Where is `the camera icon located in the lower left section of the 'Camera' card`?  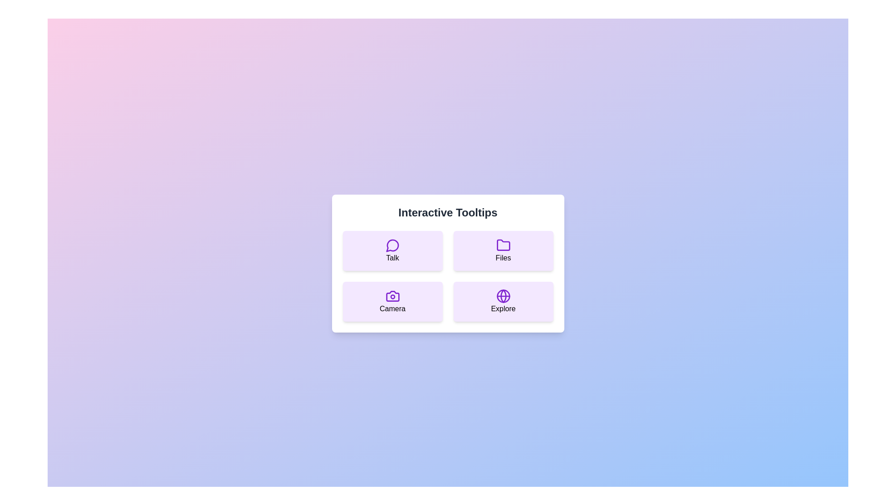
the camera icon located in the lower left section of the 'Camera' card is located at coordinates (392, 296).